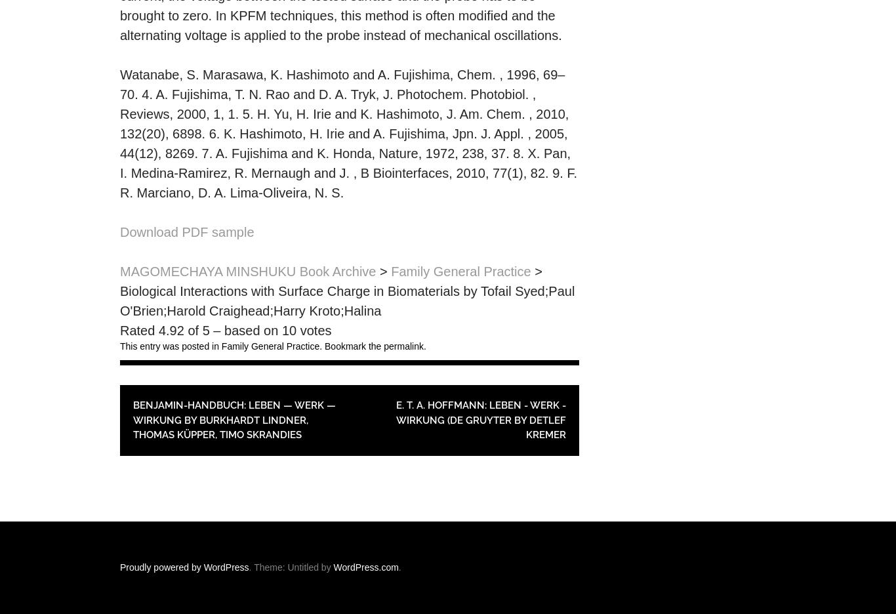 The width and height of the screenshot is (896, 614). Describe the element at coordinates (245, 330) in the screenshot. I see `'–
		based on'` at that location.